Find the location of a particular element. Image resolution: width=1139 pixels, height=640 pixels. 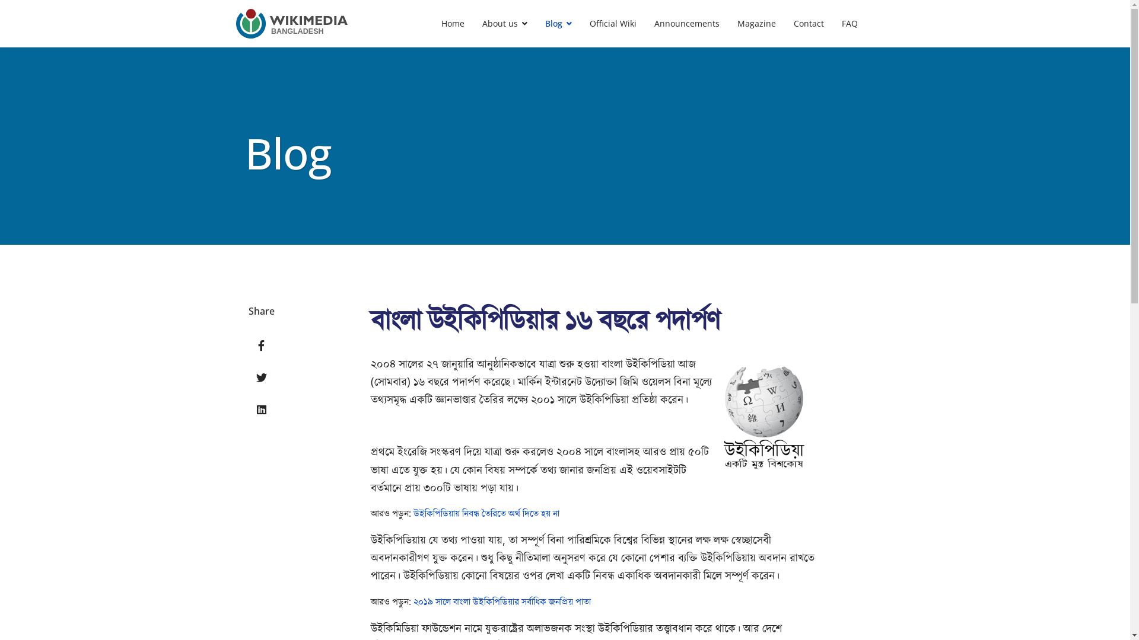

'Announcements' is located at coordinates (686, 23).